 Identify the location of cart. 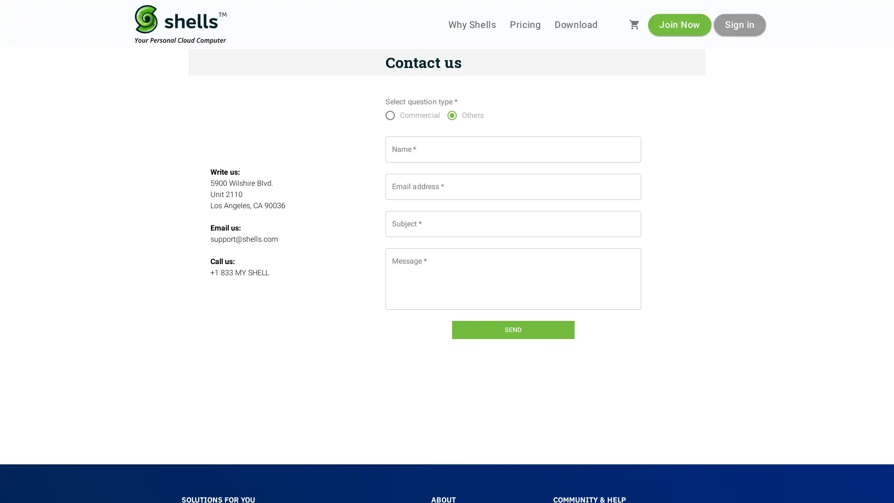
(634, 24).